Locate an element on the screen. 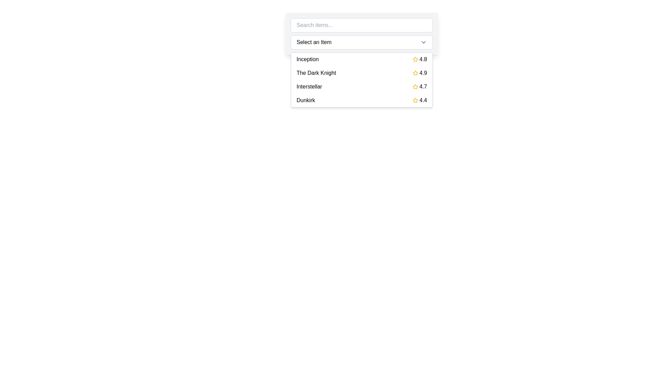 The image size is (656, 369). the text element representing the third movie in the dropdown menu, located between 'The Dark Knight' and 'Dunkirk' is located at coordinates (309, 86).